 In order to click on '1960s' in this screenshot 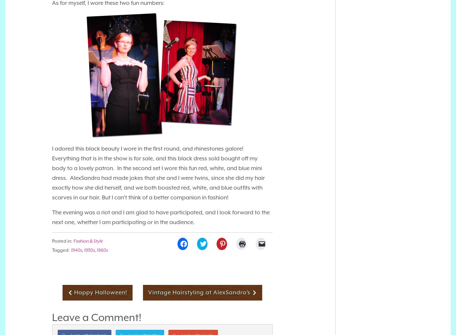, I will do `click(102, 249)`.